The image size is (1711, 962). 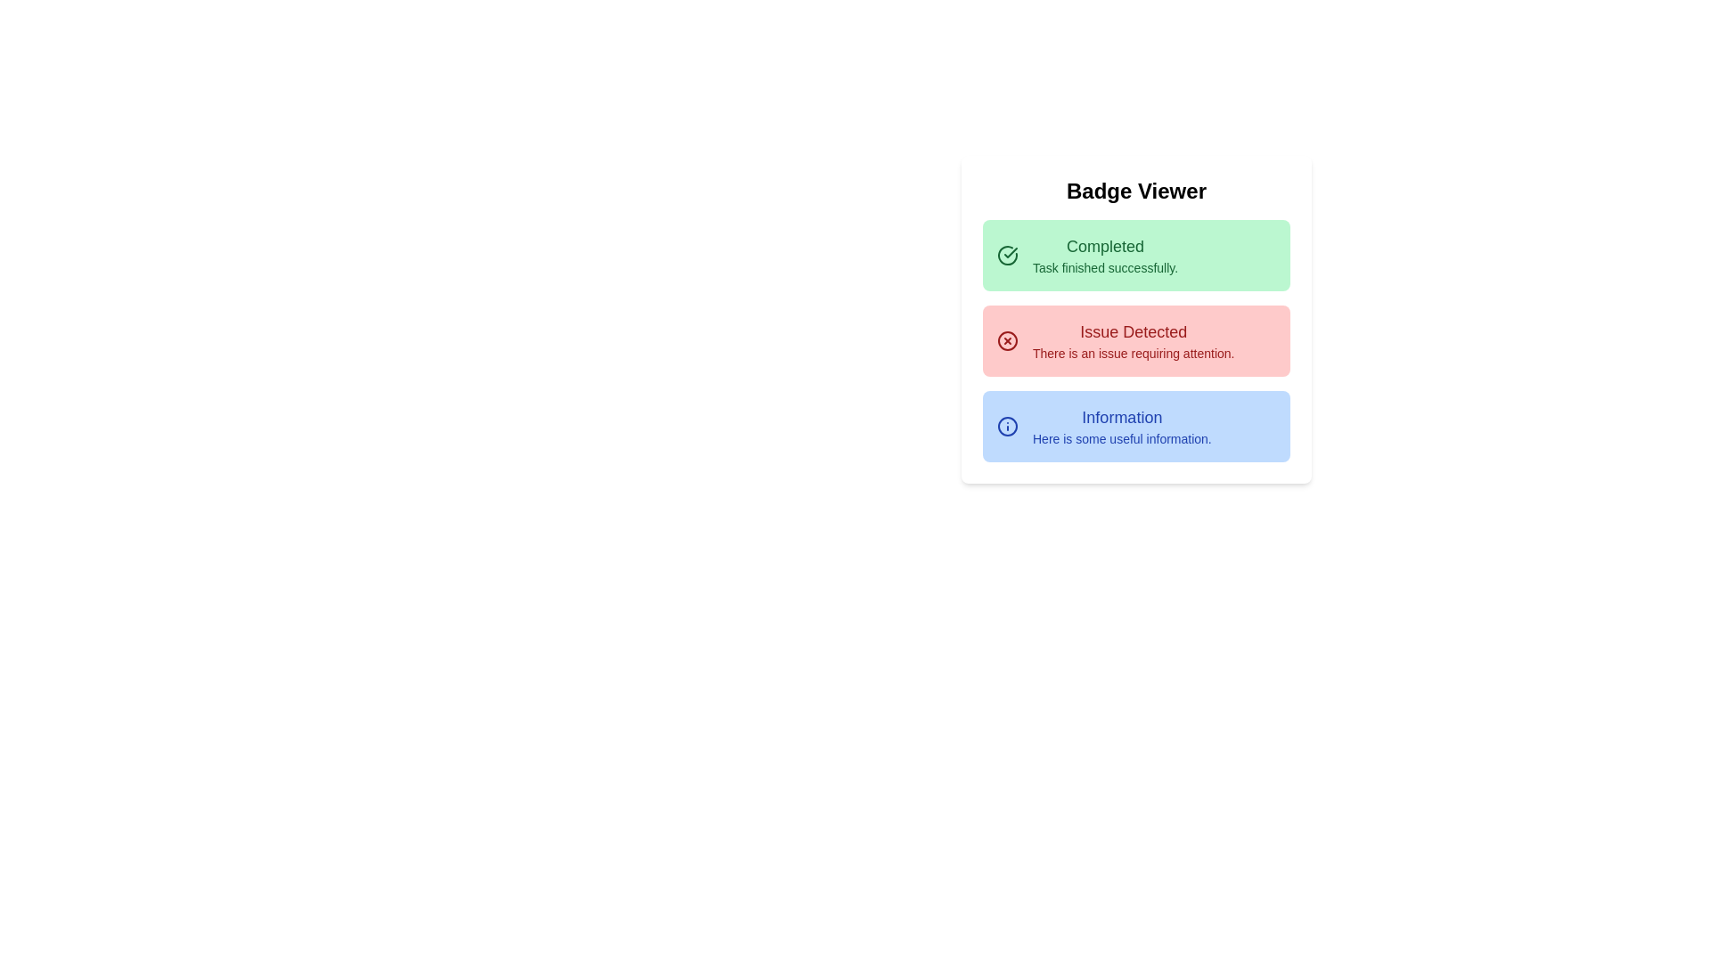 I want to click on the header text labeled 'Issue Detected', which is styled in bold with a larger font size and located within a red rectangular region in the second section of the main interface, so click(x=1133, y=332).